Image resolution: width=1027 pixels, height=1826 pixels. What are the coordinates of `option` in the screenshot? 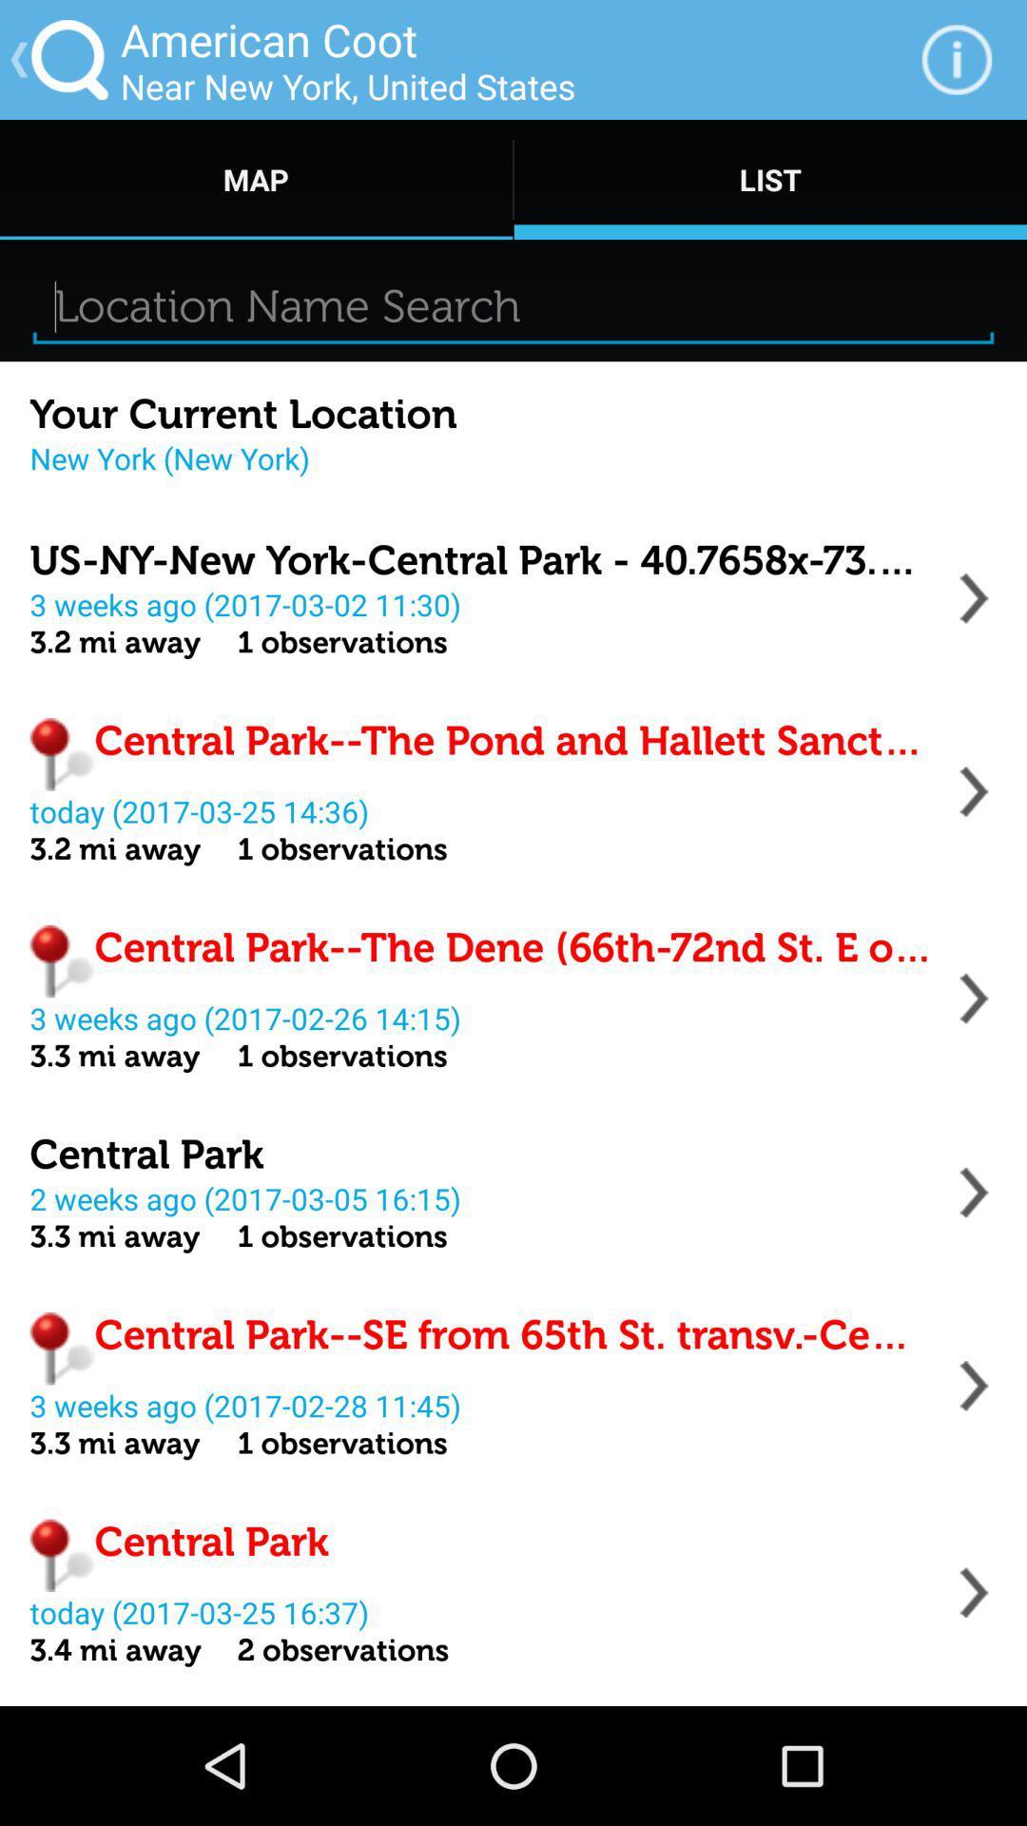 It's located at (974, 1592).